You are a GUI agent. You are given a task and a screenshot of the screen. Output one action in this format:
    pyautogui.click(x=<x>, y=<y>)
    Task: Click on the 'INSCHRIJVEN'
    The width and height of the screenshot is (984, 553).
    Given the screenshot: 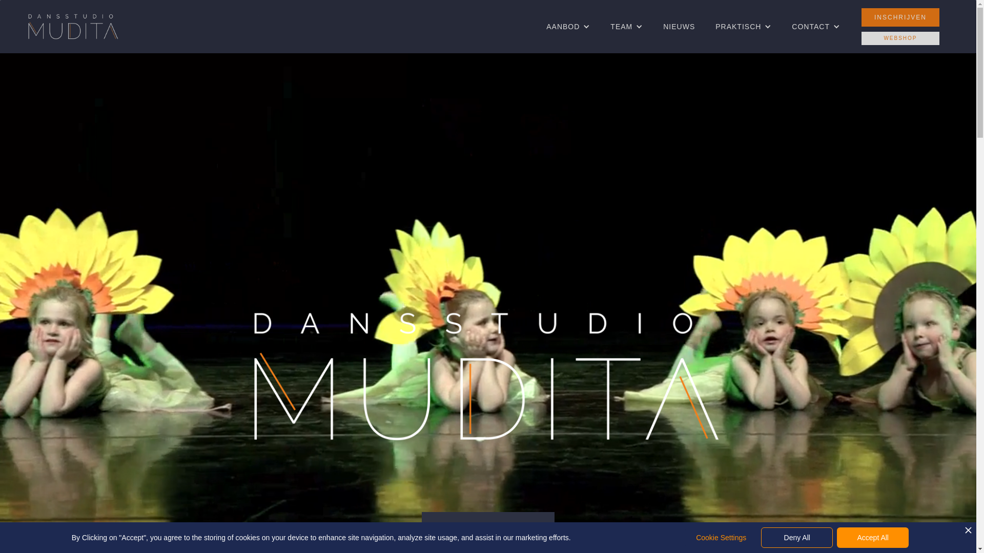 What is the action you would take?
    pyautogui.click(x=899, y=17)
    